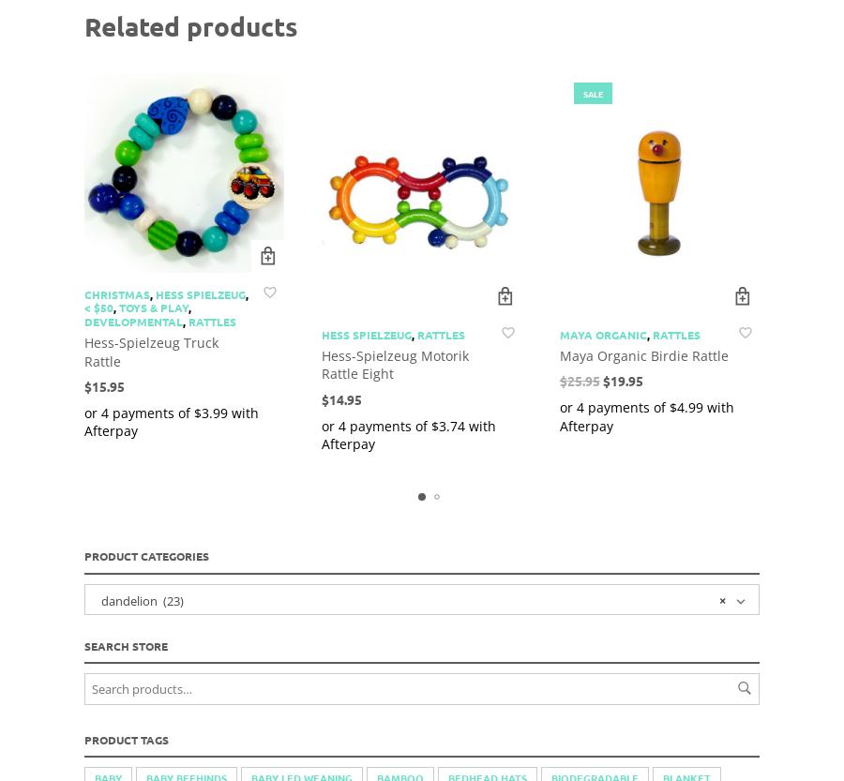  What do you see at coordinates (126, 643) in the screenshot?
I see `'Search Store'` at bounding box center [126, 643].